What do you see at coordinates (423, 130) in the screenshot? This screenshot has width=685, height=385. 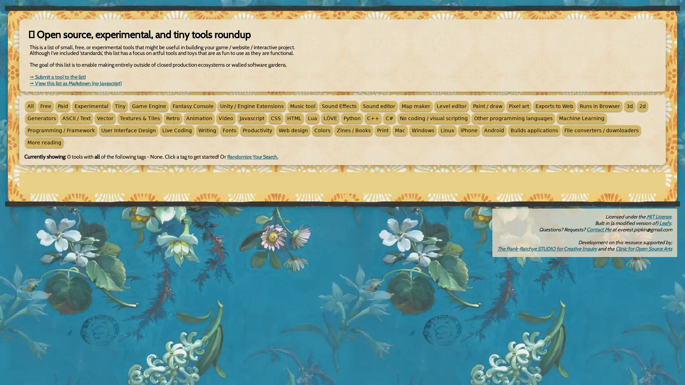 I see `Windows` at bounding box center [423, 130].